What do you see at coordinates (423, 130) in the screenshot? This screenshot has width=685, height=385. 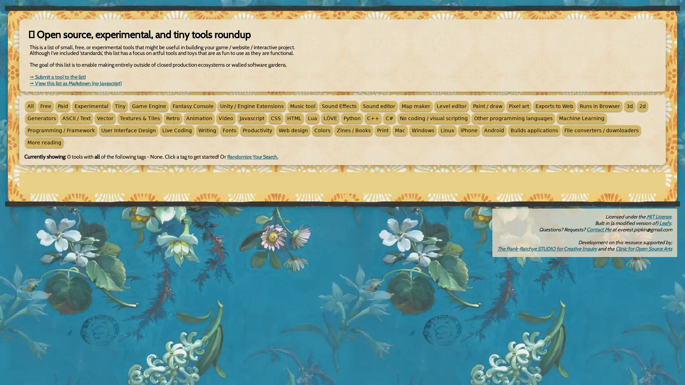 I see `Windows` at bounding box center [423, 130].